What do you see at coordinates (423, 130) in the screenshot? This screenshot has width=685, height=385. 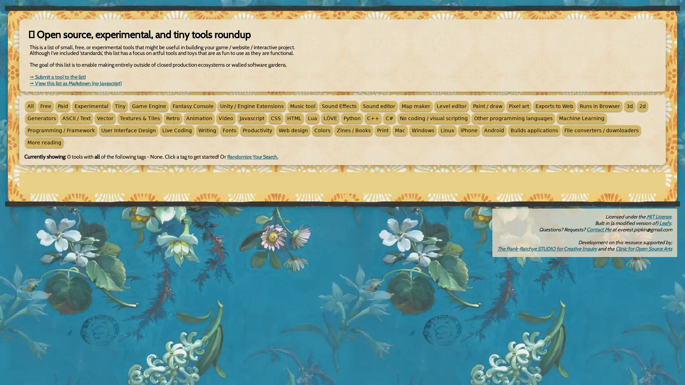 I see `Windows` at bounding box center [423, 130].